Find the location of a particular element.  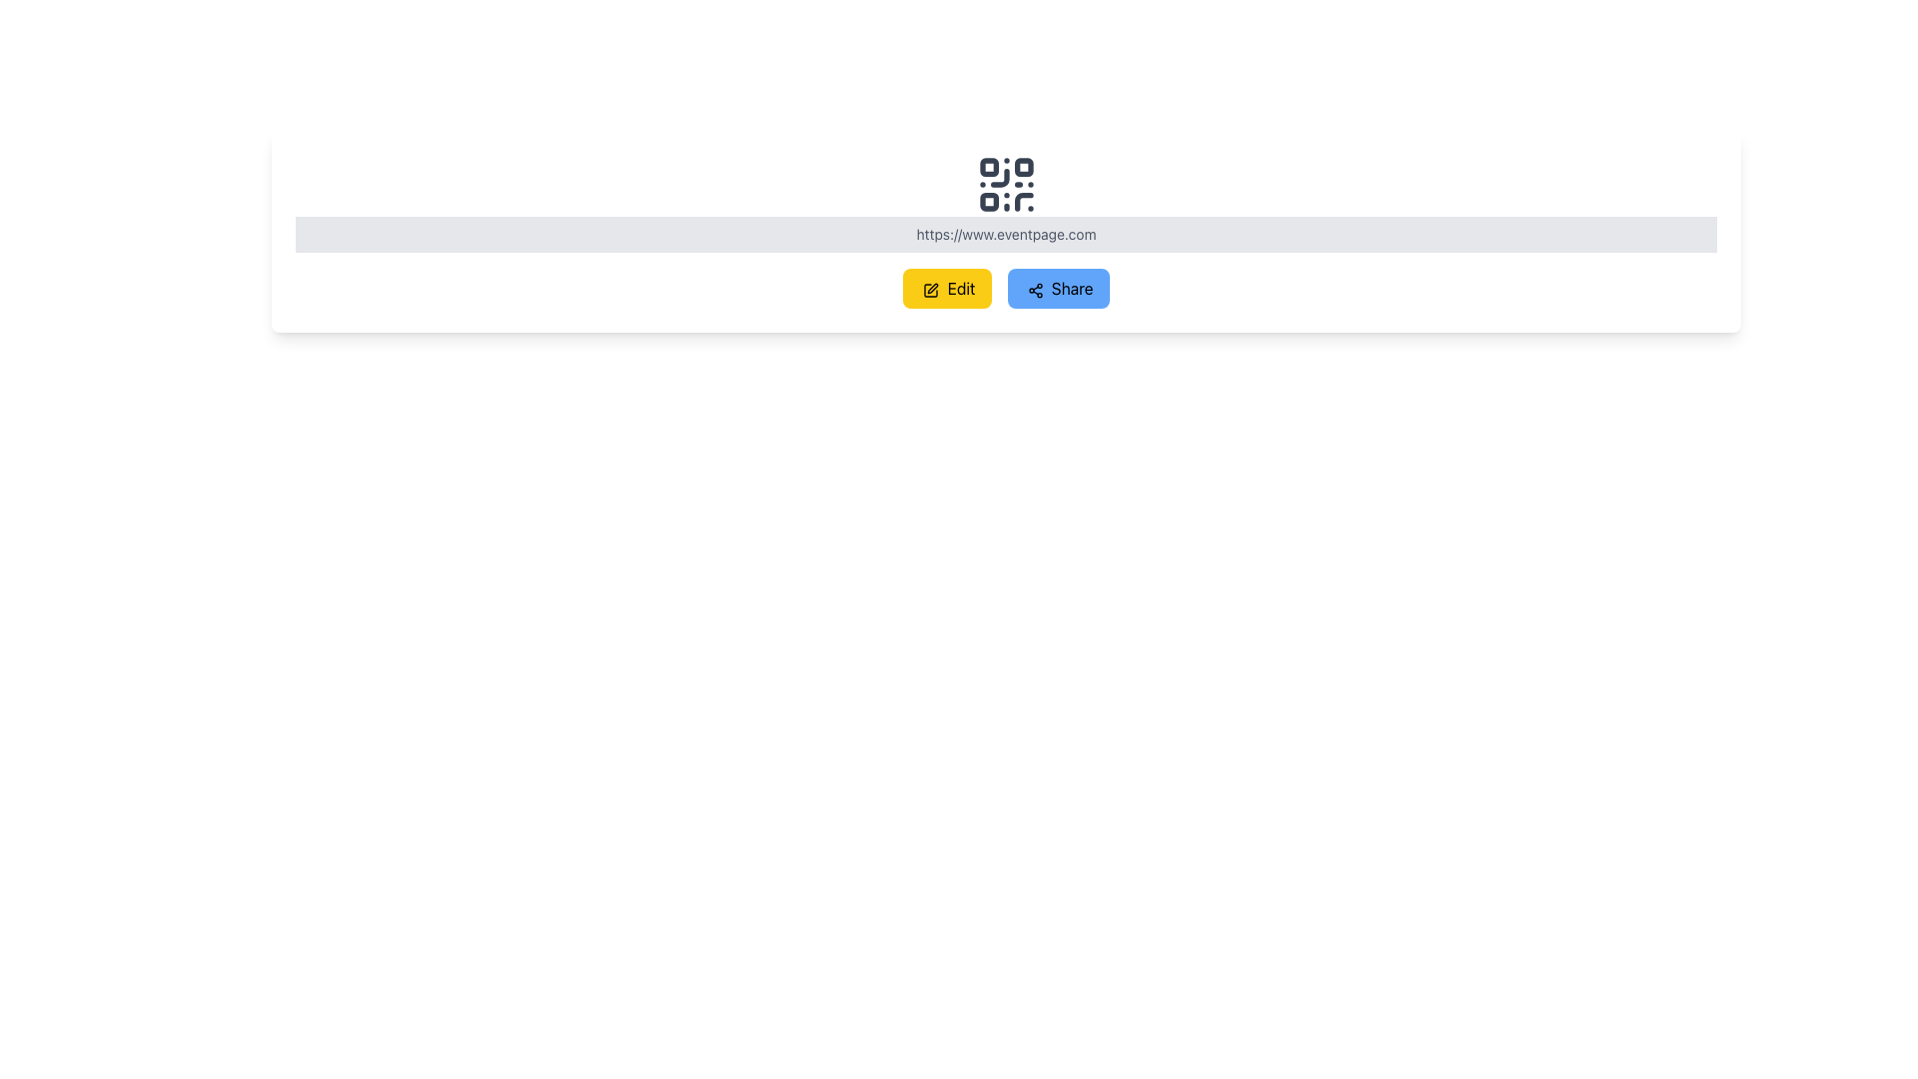

the first smaller square is located at coordinates (989, 166).